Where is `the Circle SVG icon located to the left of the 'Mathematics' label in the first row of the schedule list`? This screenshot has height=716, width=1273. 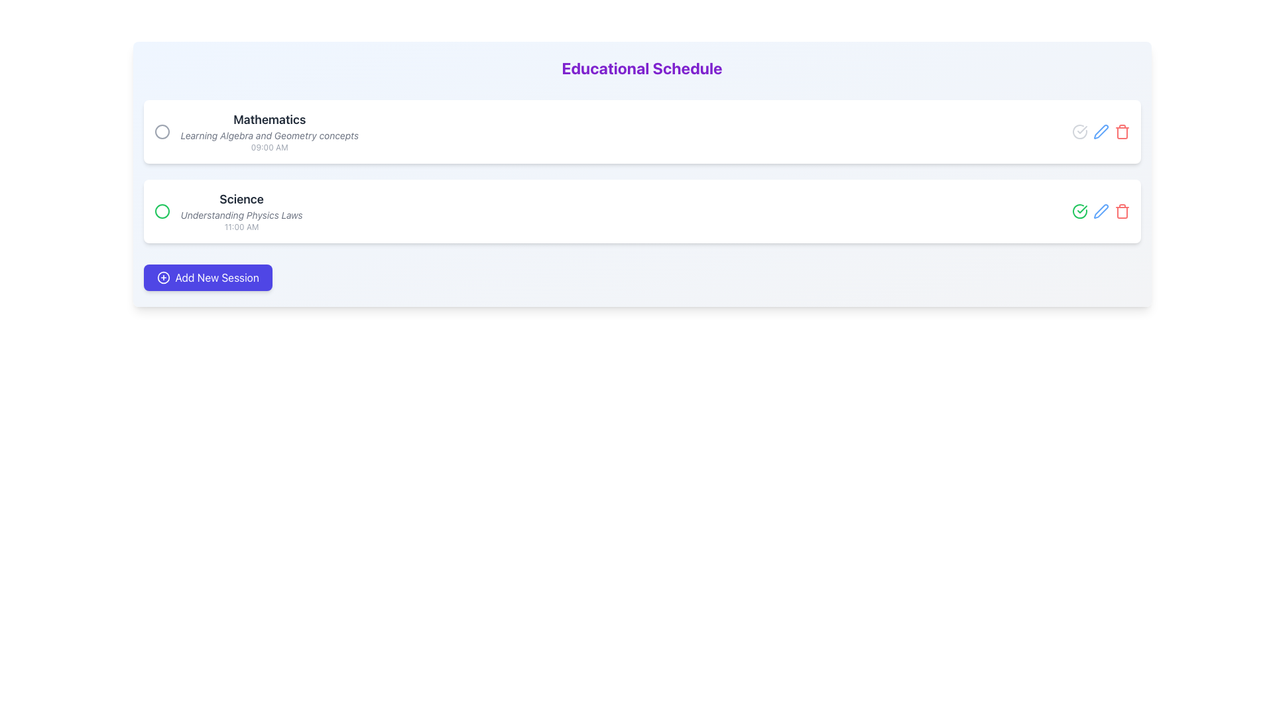
the Circle SVG icon located to the left of the 'Mathematics' label in the first row of the schedule list is located at coordinates (161, 132).